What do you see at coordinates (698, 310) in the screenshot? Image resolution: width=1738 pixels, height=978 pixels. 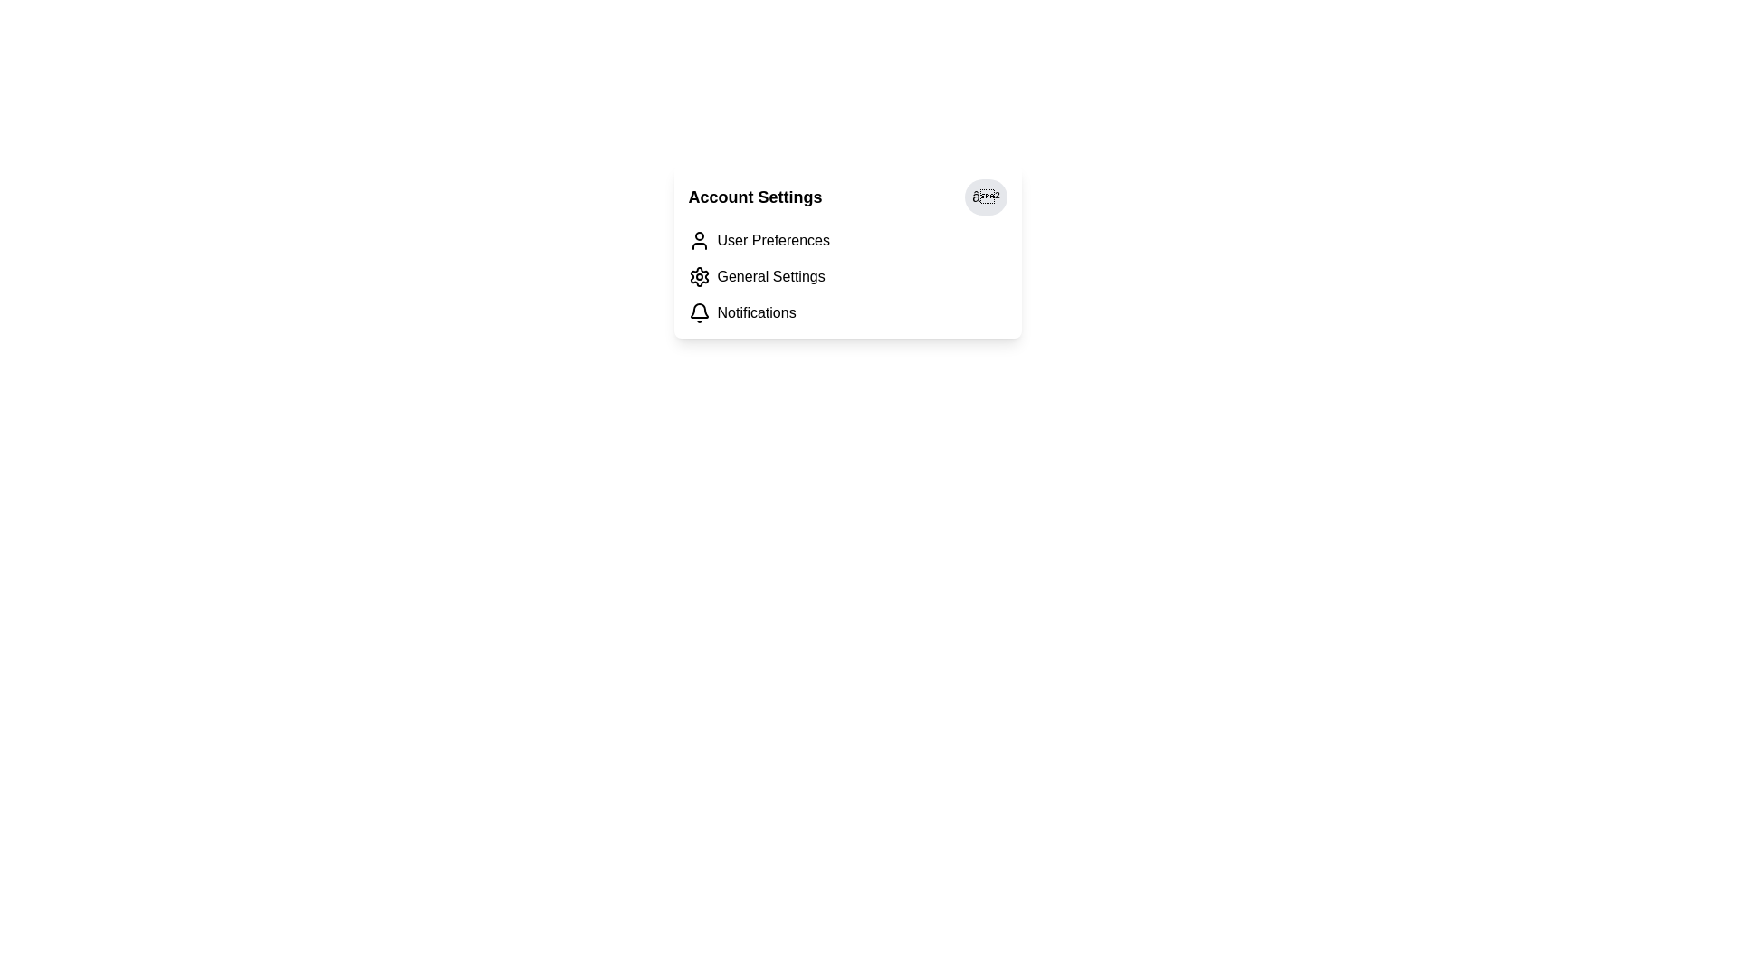 I see `the 'Notifications' icon located at the bottom of the vertical list of options within the card layout` at bounding box center [698, 310].